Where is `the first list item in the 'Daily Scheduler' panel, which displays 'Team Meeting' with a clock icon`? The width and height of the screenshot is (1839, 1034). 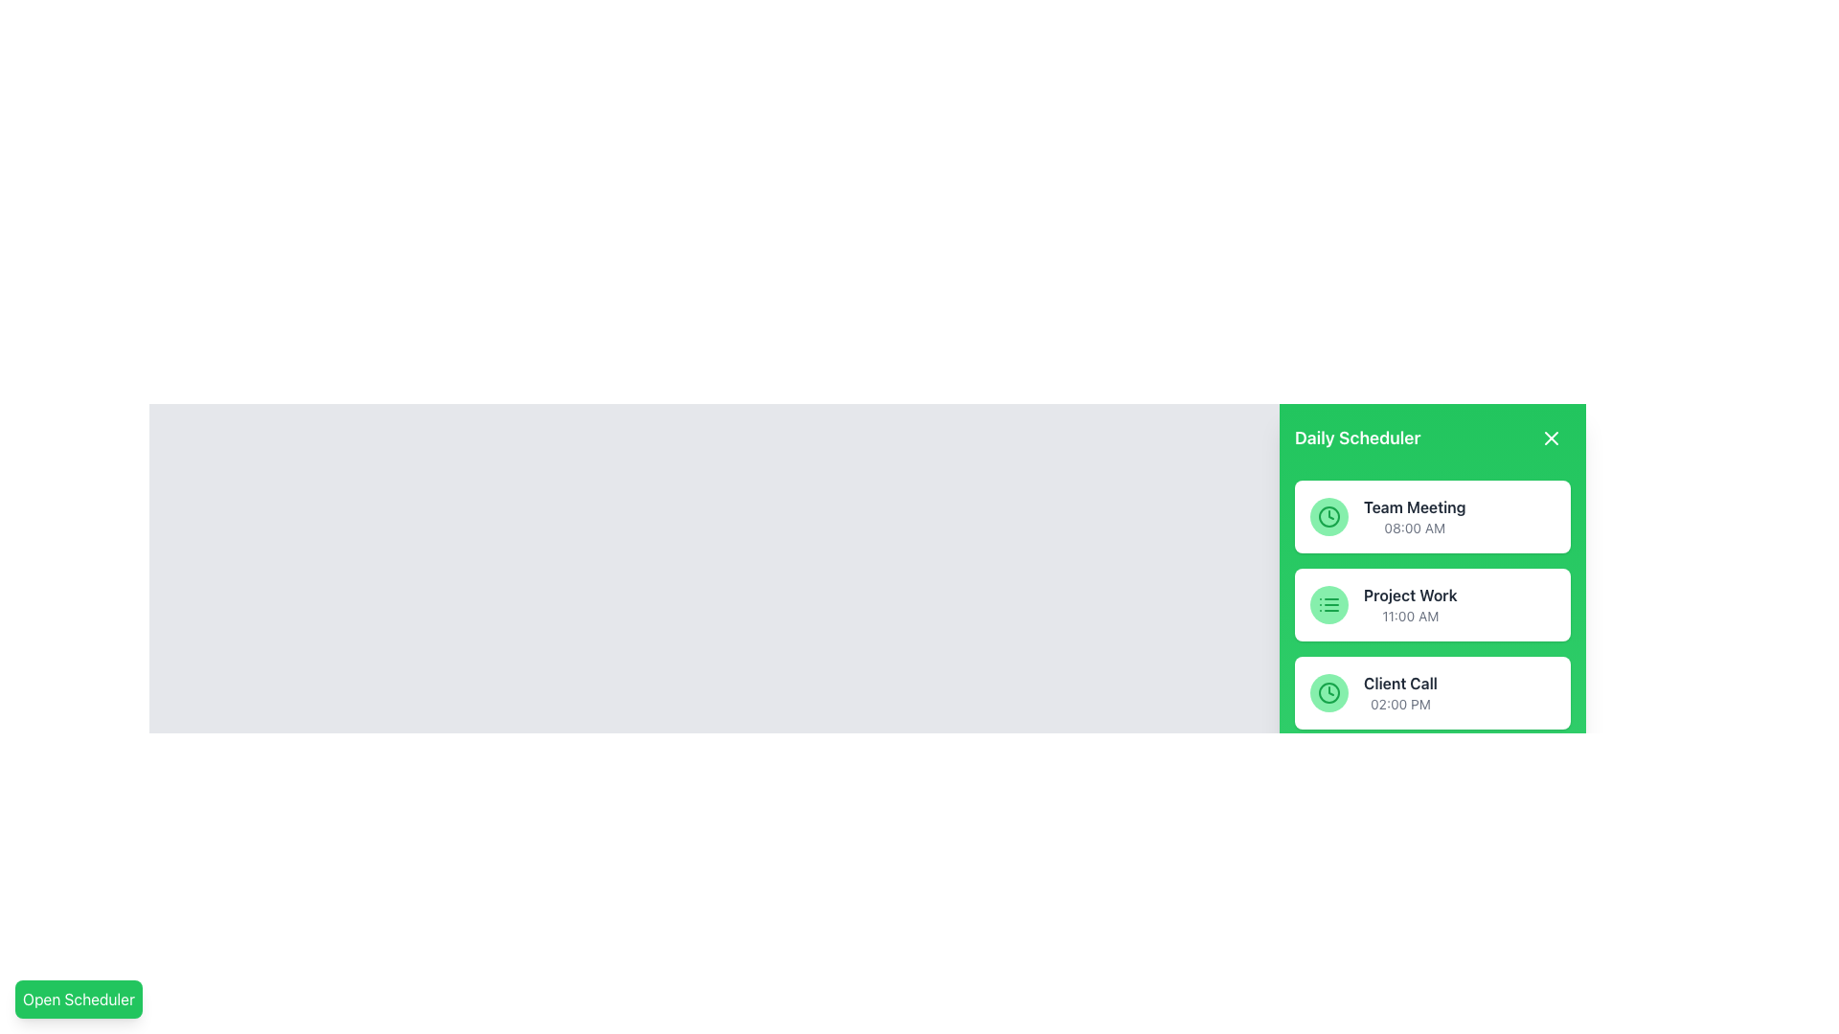
the first list item in the 'Daily Scheduler' panel, which displays 'Team Meeting' with a clock icon is located at coordinates (1433, 517).